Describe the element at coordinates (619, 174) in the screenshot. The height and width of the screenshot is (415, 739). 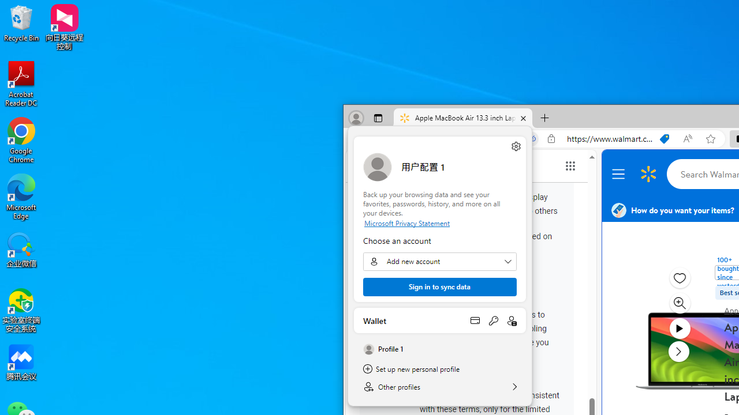
I see `'Menu'` at that location.